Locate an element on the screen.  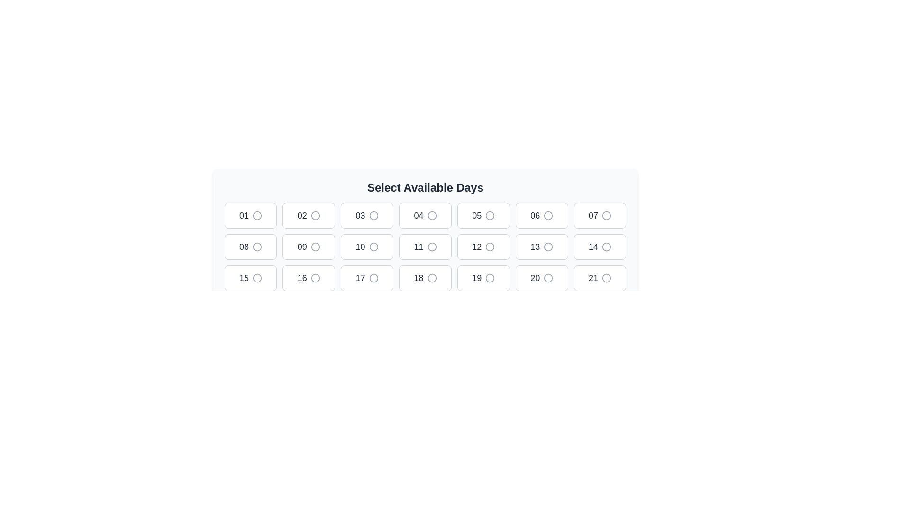
the radio button labeled '03' is located at coordinates (366, 215).